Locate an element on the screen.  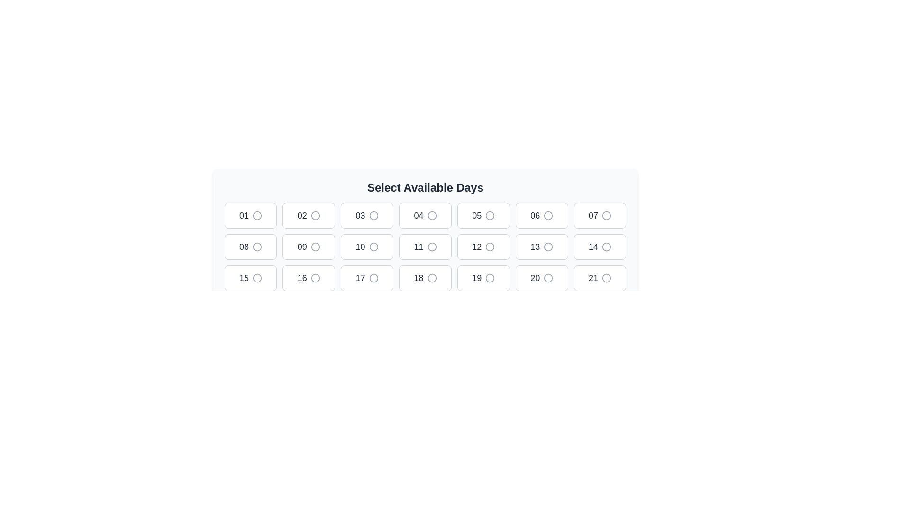
the radio button labeled '03' is located at coordinates (366, 215).